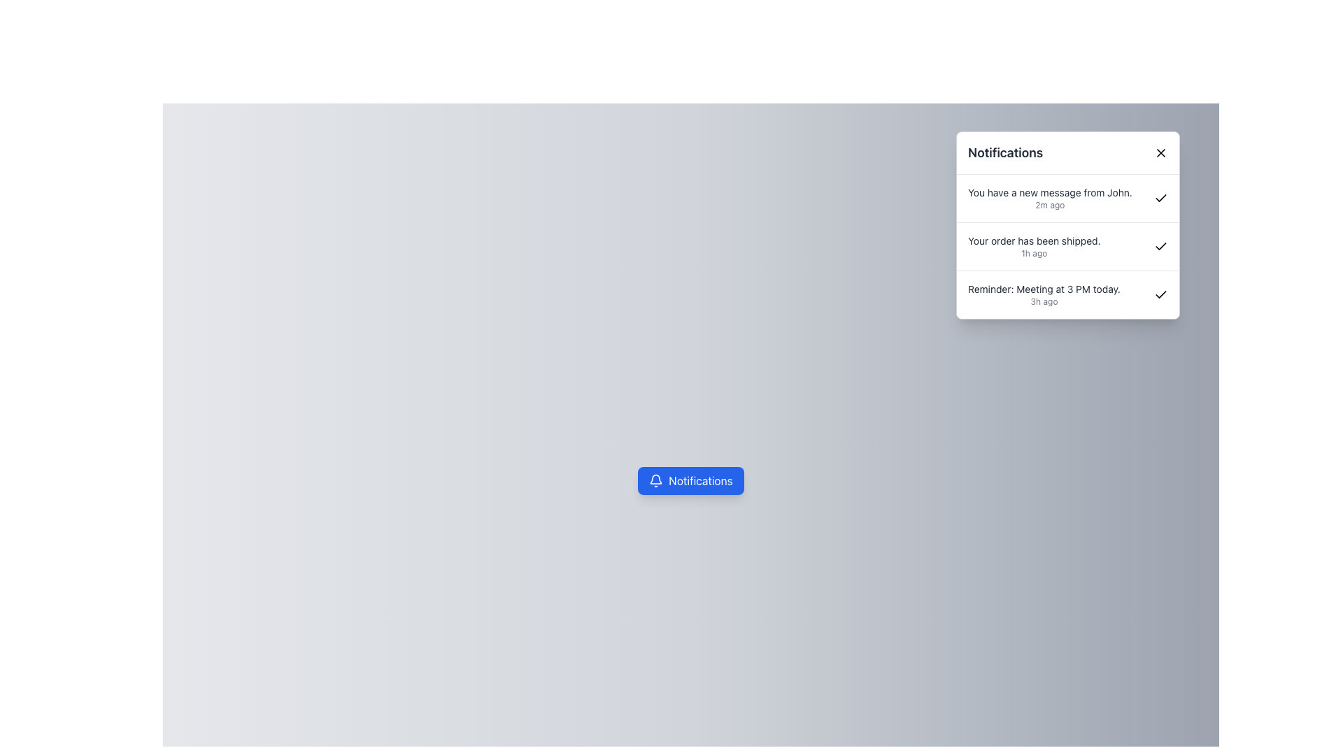 This screenshot has height=755, width=1343. Describe the element at coordinates (1067, 199) in the screenshot. I see `the notification item displaying 'You have a new message from John.'` at that location.